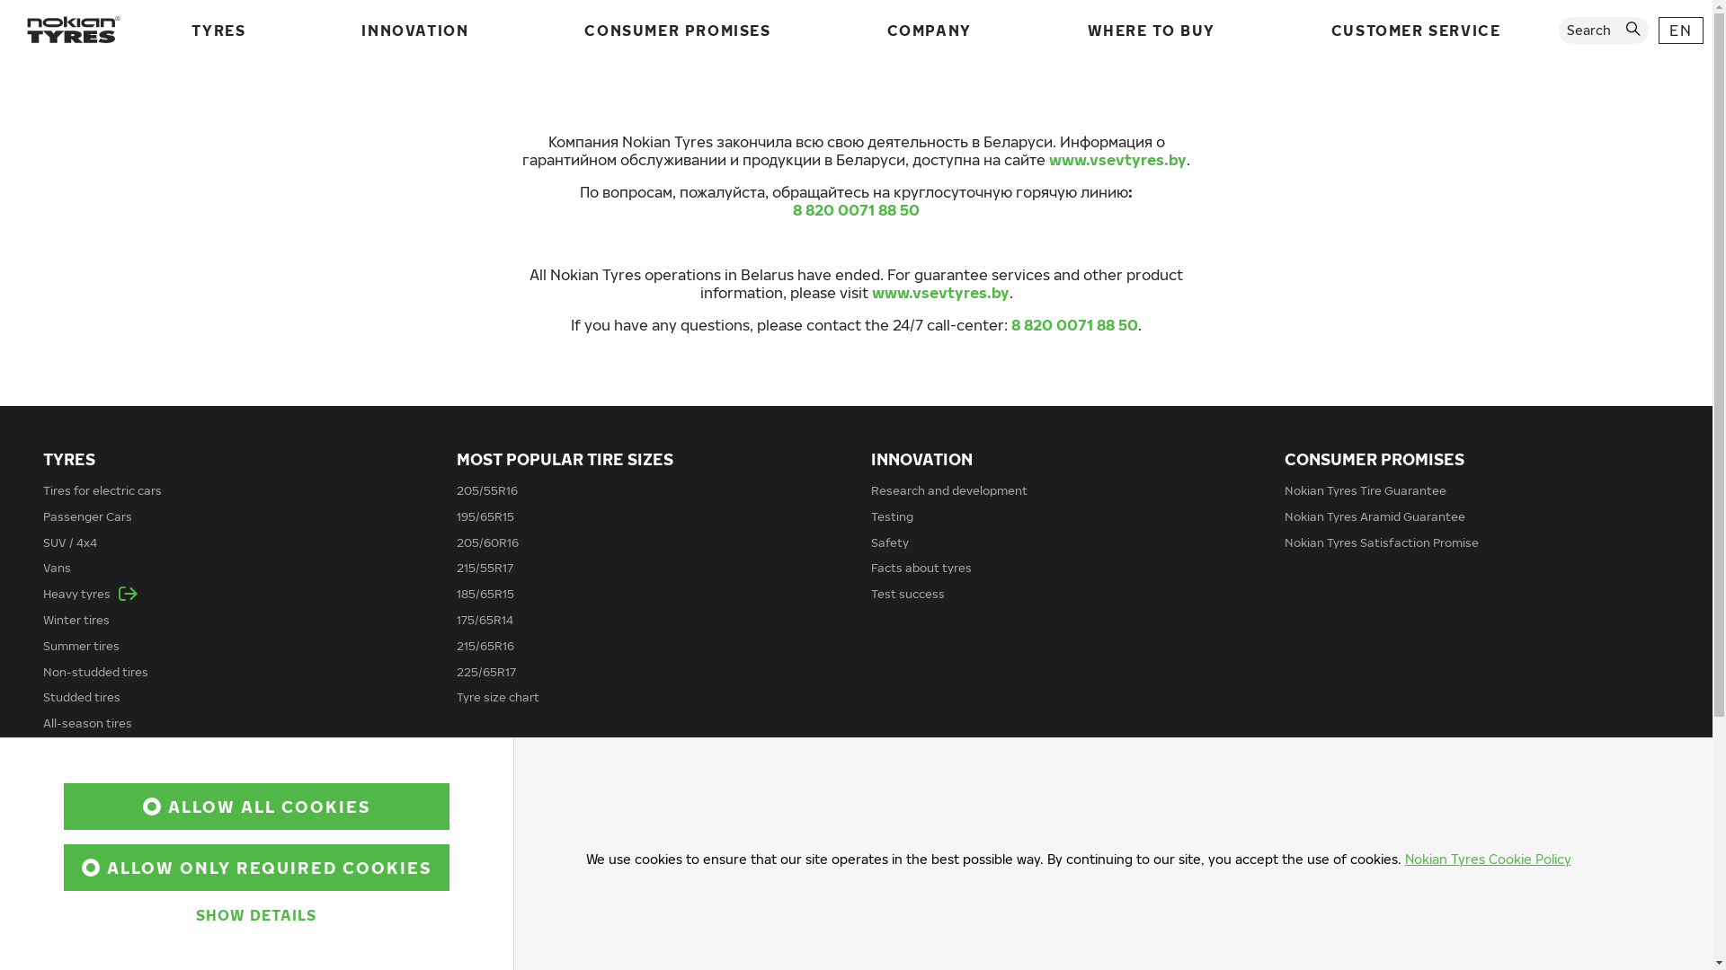  What do you see at coordinates (1487, 858) in the screenshot?
I see `'Nokian Tyres Cookie Policy'` at bounding box center [1487, 858].